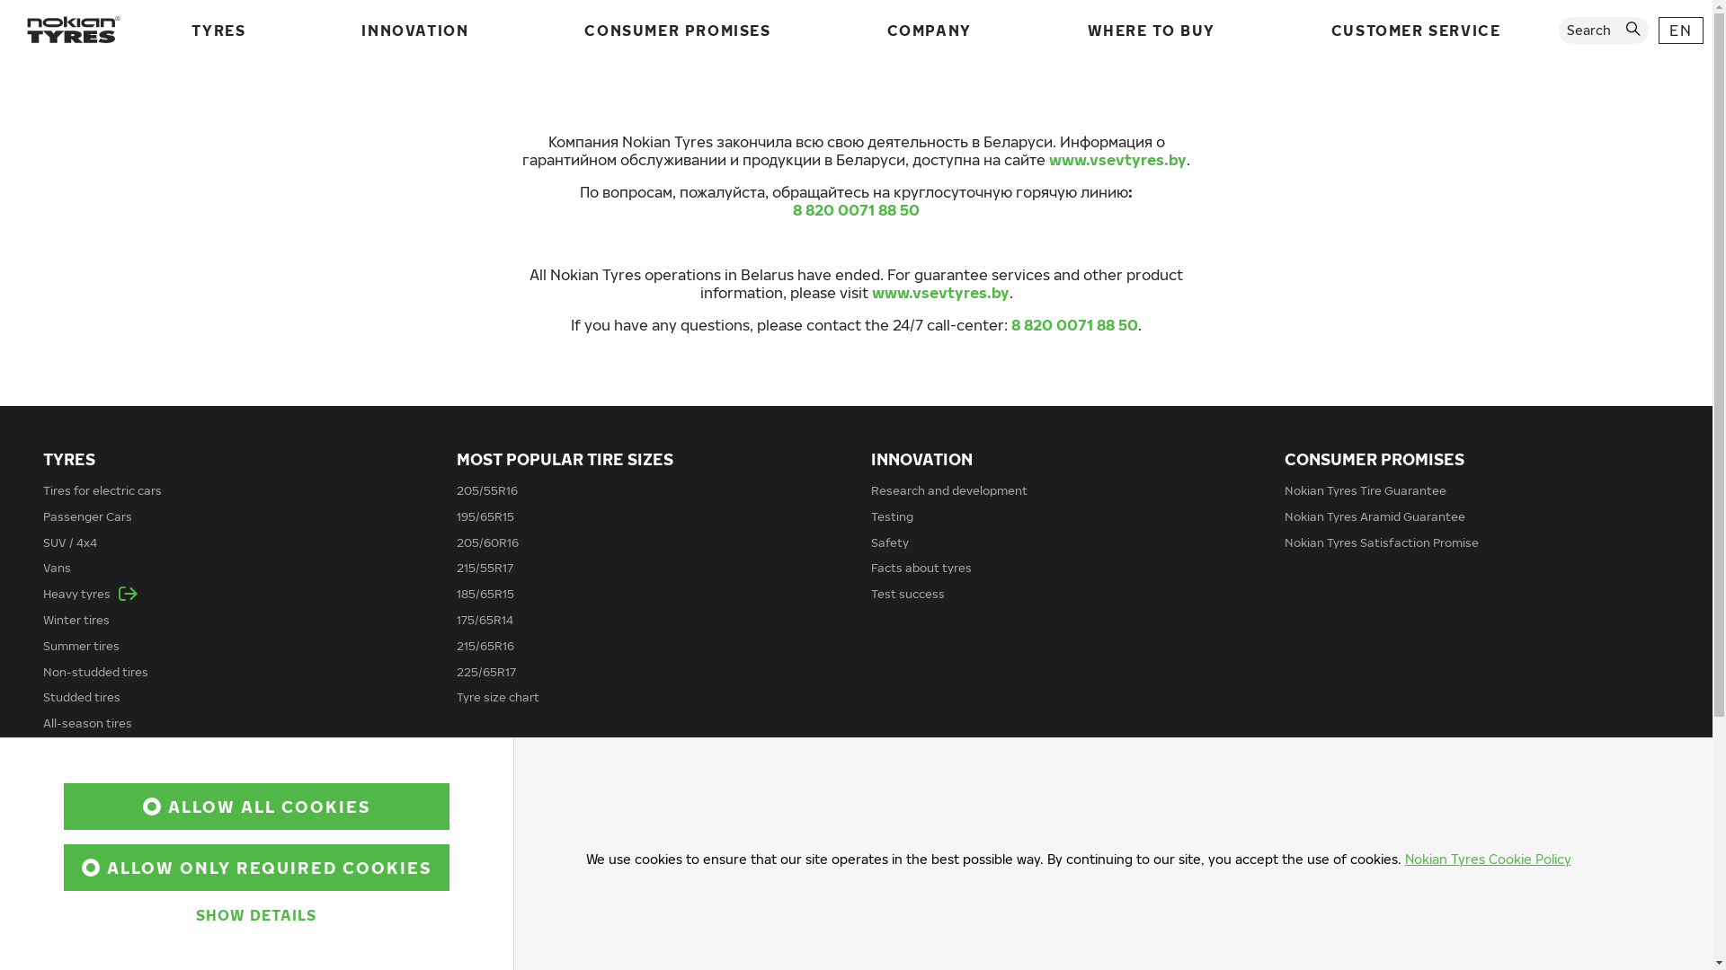  What do you see at coordinates (1487, 858) in the screenshot?
I see `'Nokian Tyres Cookie Policy'` at bounding box center [1487, 858].